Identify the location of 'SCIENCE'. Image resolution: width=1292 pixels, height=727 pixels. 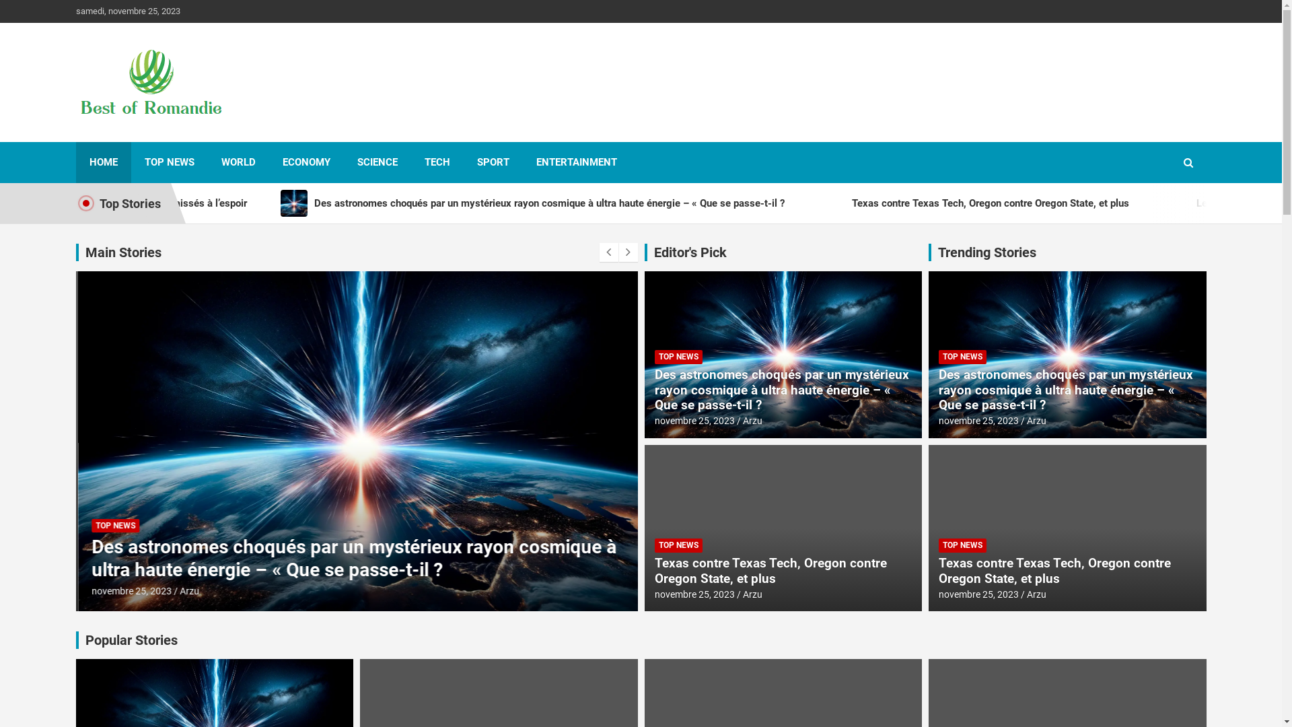
(377, 162).